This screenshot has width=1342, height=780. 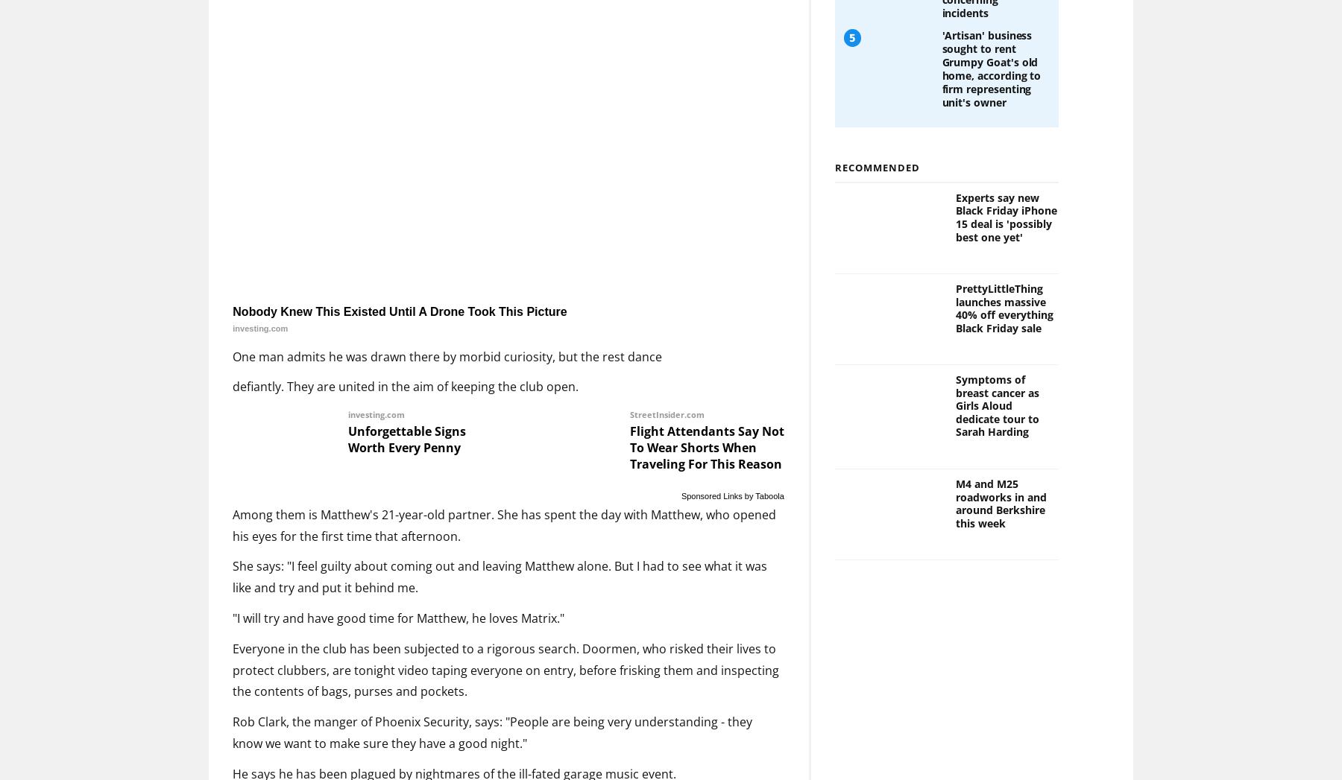 I want to click on 'Rob Clark, the manger of Phoenix Security, says: "People are being very understanding - they know we want to make sure they have a good night."', so click(x=231, y=732).